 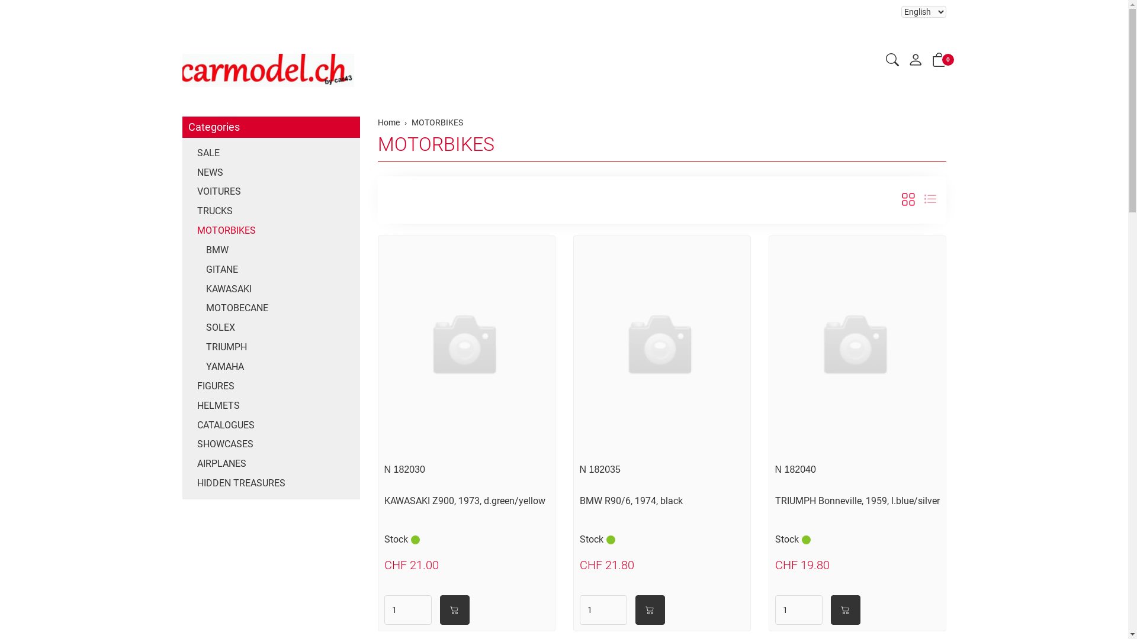 What do you see at coordinates (795, 469) in the screenshot?
I see `'N 182040'` at bounding box center [795, 469].